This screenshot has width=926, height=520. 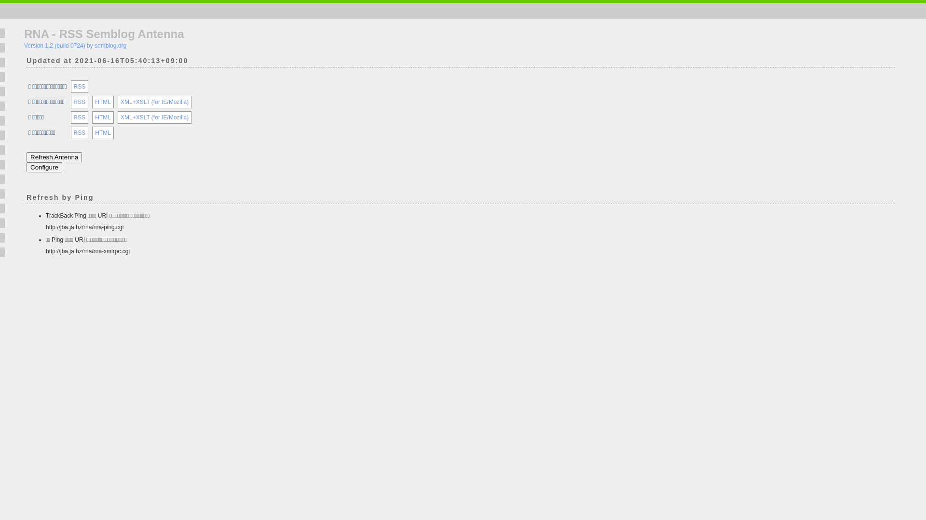 I want to click on 'HTML', so click(x=103, y=117).